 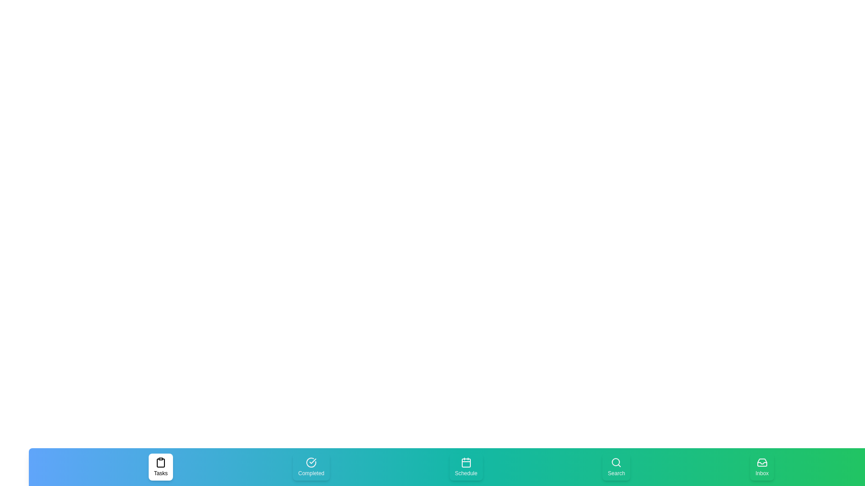 What do you see at coordinates (616, 466) in the screenshot?
I see `the tab labeled Search` at bounding box center [616, 466].